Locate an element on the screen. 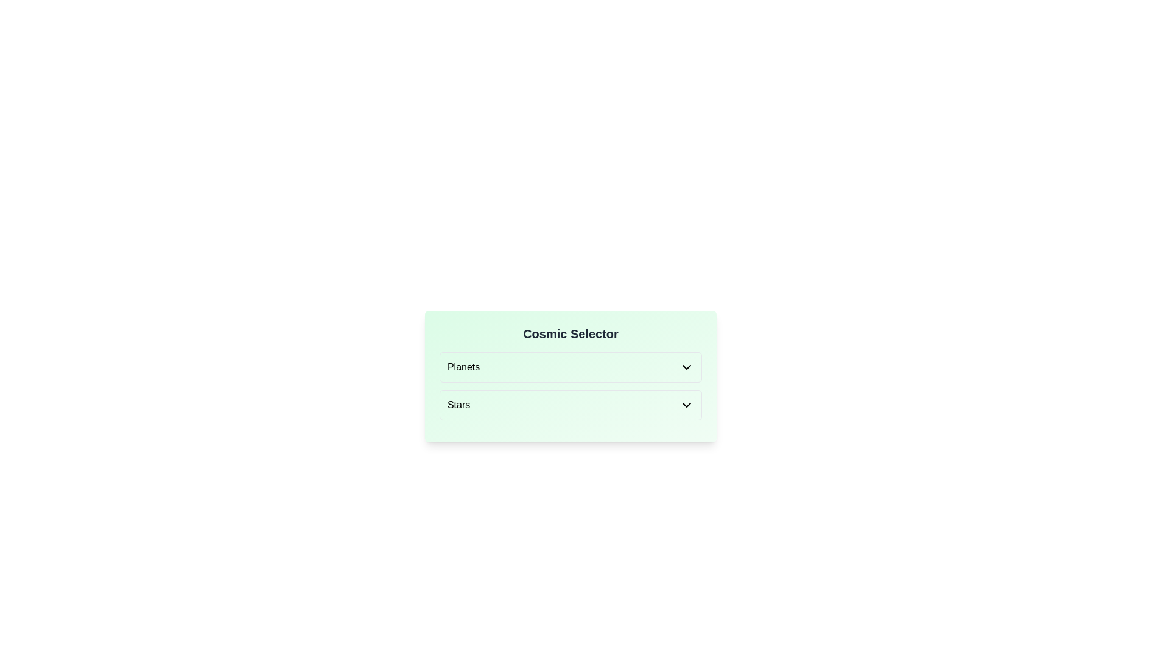 The width and height of the screenshot is (1169, 657). the dropdown menu labeled 'Planets' is located at coordinates (570, 367).